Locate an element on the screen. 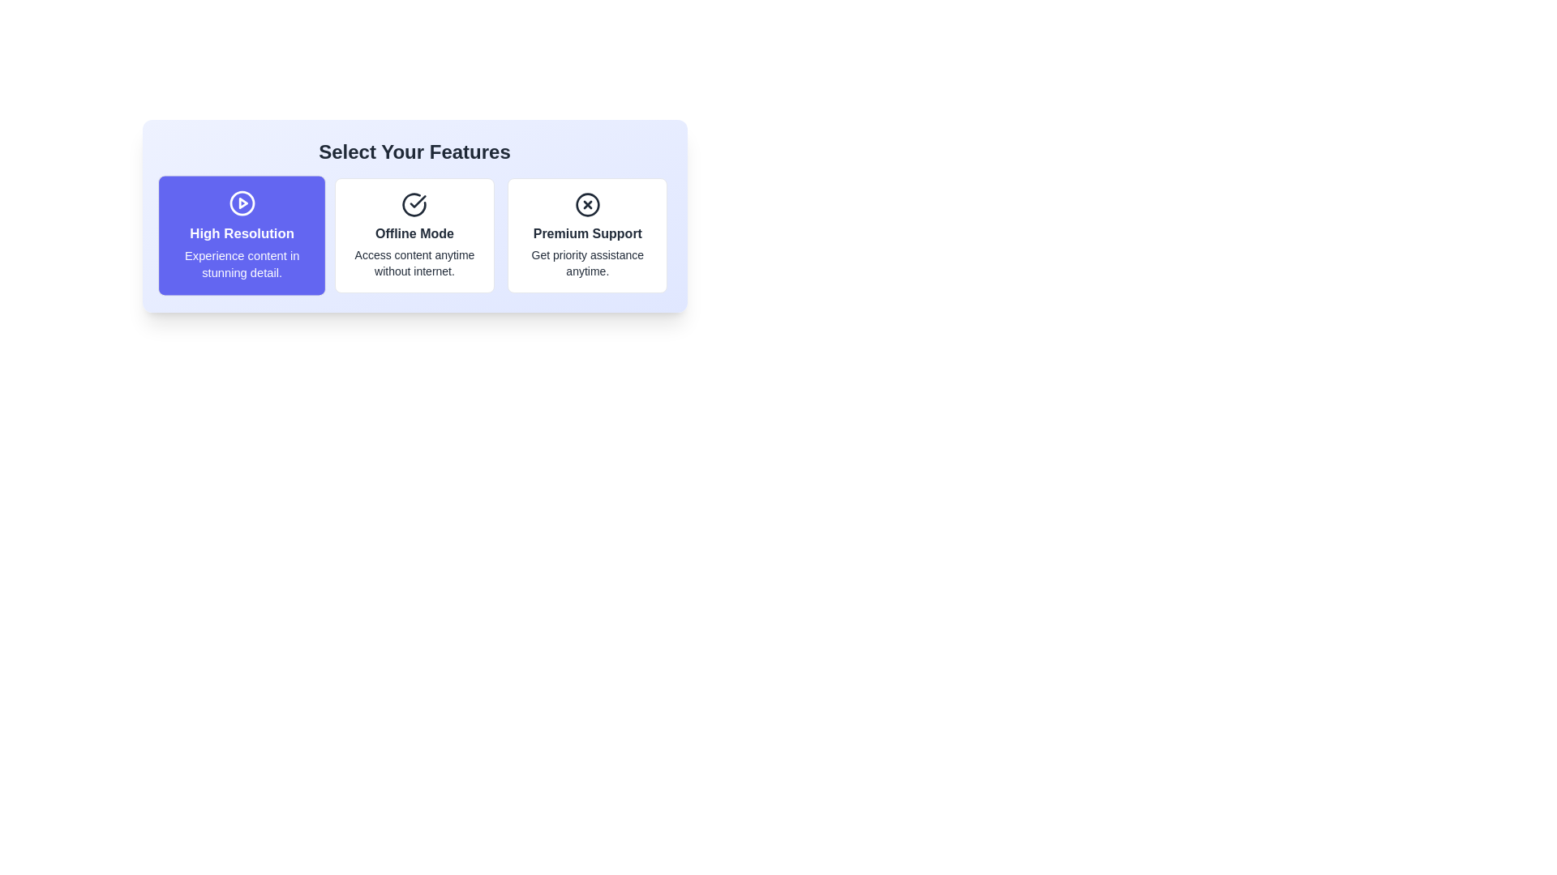 Image resolution: width=1557 pixels, height=875 pixels. the 'High Resolution' text label, which serves as the title for the first card in a row of three cards is located at coordinates (240, 233).